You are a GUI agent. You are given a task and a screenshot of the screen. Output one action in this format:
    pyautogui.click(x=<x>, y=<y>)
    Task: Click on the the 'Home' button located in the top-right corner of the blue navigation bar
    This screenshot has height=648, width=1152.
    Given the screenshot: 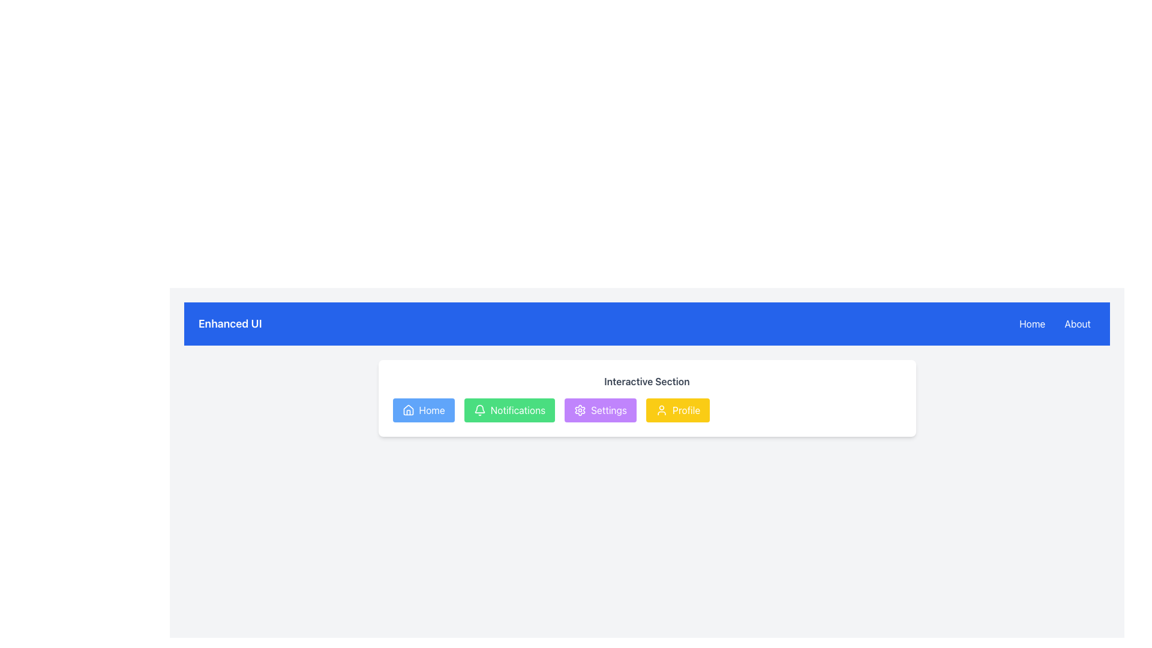 What is the action you would take?
    pyautogui.click(x=1031, y=324)
    